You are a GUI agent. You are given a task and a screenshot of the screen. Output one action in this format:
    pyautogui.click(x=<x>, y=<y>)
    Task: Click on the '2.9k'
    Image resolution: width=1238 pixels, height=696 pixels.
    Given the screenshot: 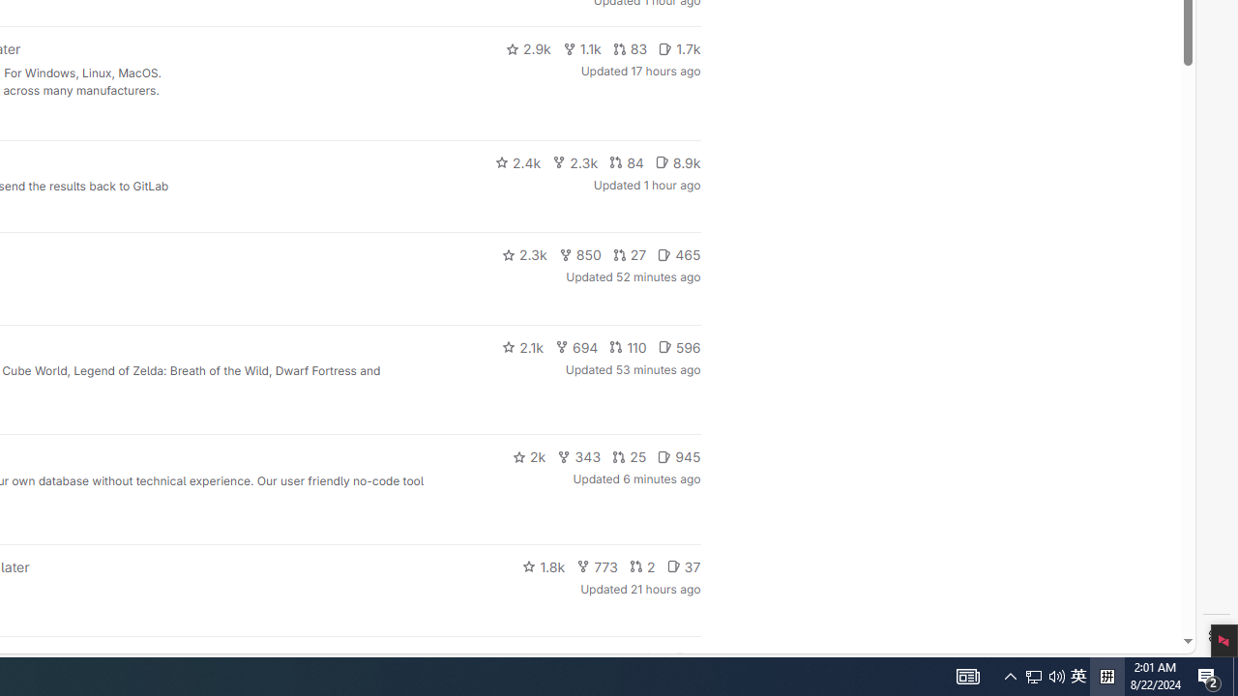 What is the action you would take?
    pyautogui.click(x=527, y=48)
    